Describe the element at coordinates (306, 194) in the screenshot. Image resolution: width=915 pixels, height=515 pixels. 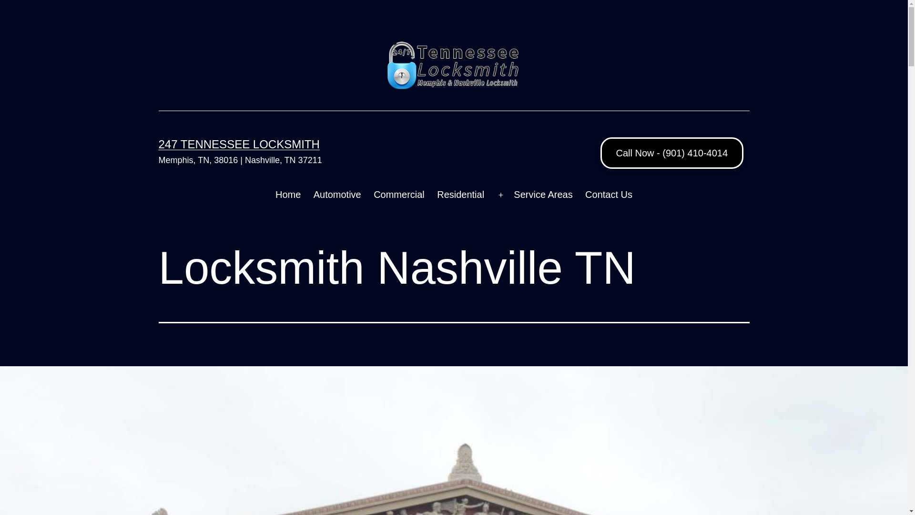
I see `'Automotive'` at that location.